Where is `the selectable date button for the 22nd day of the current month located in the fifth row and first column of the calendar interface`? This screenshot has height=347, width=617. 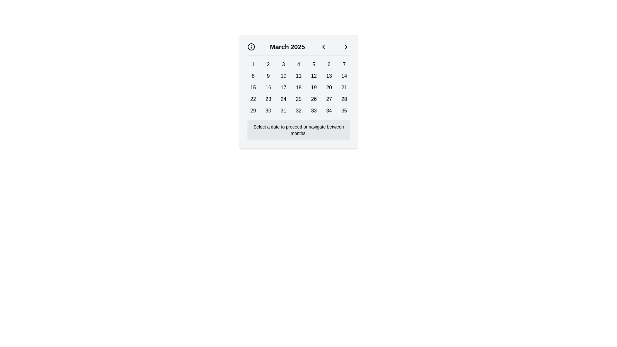
the selectable date button for the 22nd day of the current month located in the fifth row and first column of the calendar interface is located at coordinates (253, 99).